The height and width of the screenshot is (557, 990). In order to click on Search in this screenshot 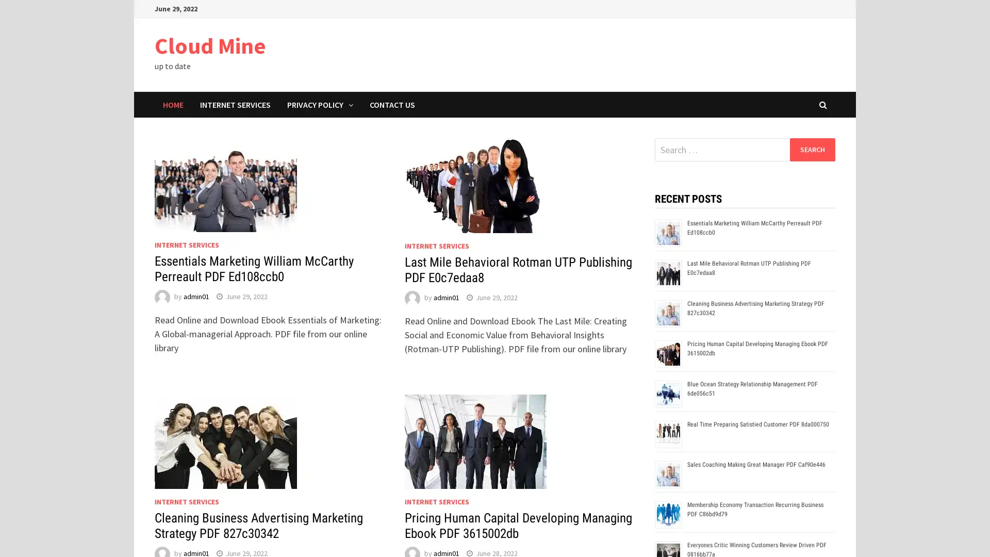, I will do `click(812, 149)`.